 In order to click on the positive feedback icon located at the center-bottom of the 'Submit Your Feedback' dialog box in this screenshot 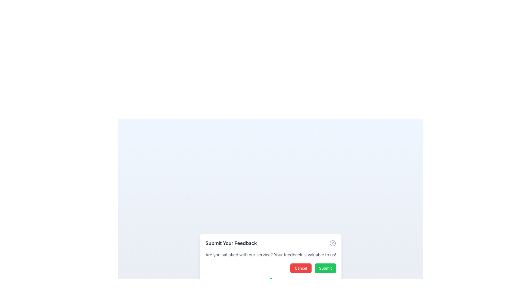, I will do `click(271, 284)`.